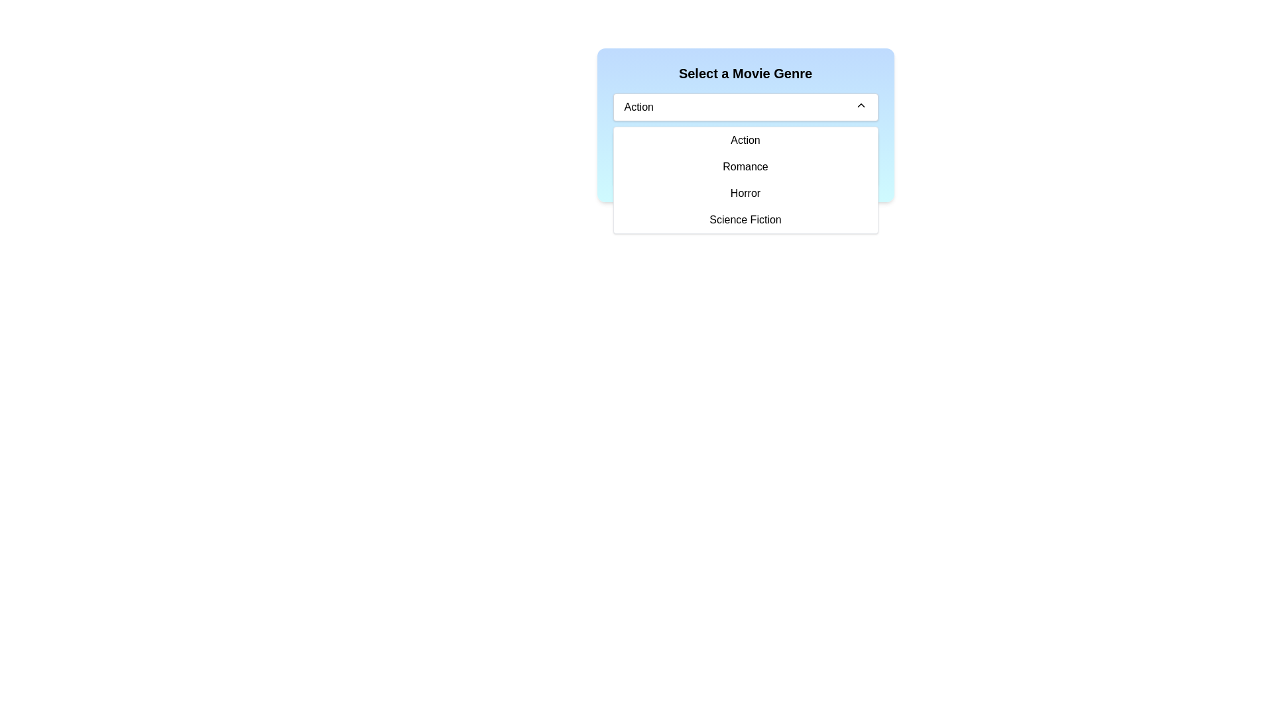 This screenshot has width=1273, height=716. What do you see at coordinates (745, 150) in the screenshot?
I see `the first selectable list item labeled 'Action' within the dropdown under 'Select a Movie Genre'` at bounding box center [745, 150].